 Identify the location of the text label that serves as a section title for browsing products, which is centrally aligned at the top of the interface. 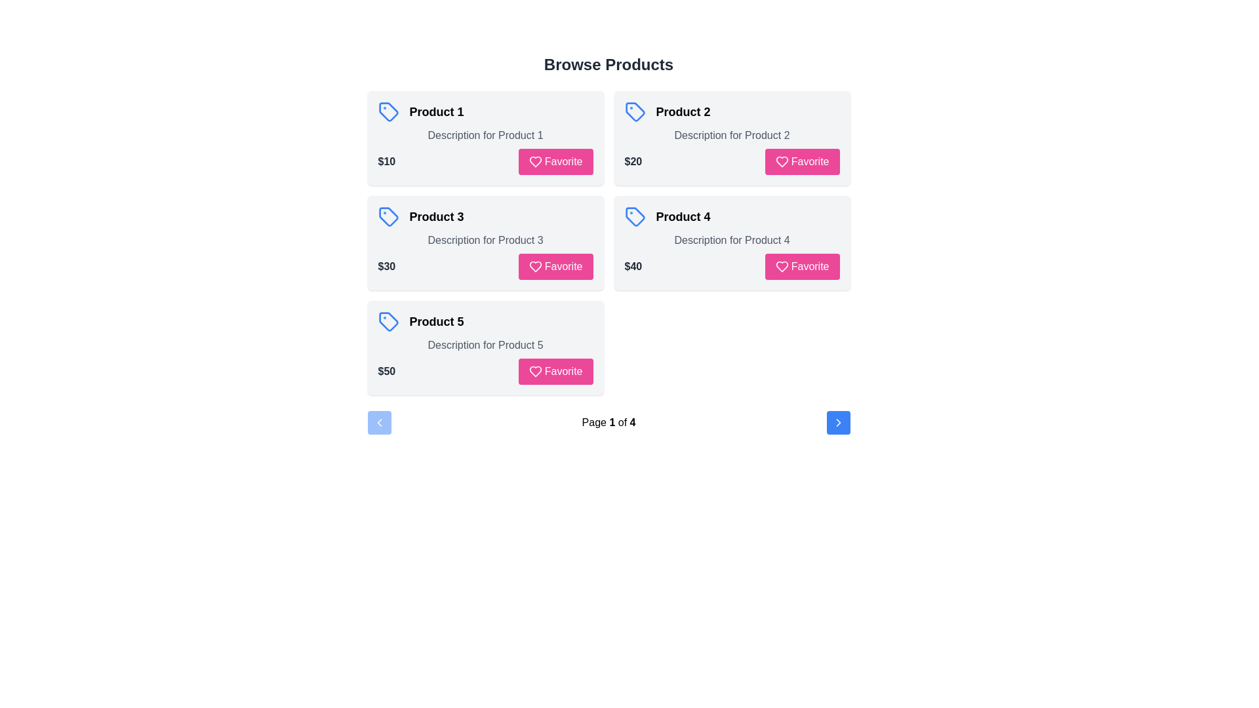
(608, 65).